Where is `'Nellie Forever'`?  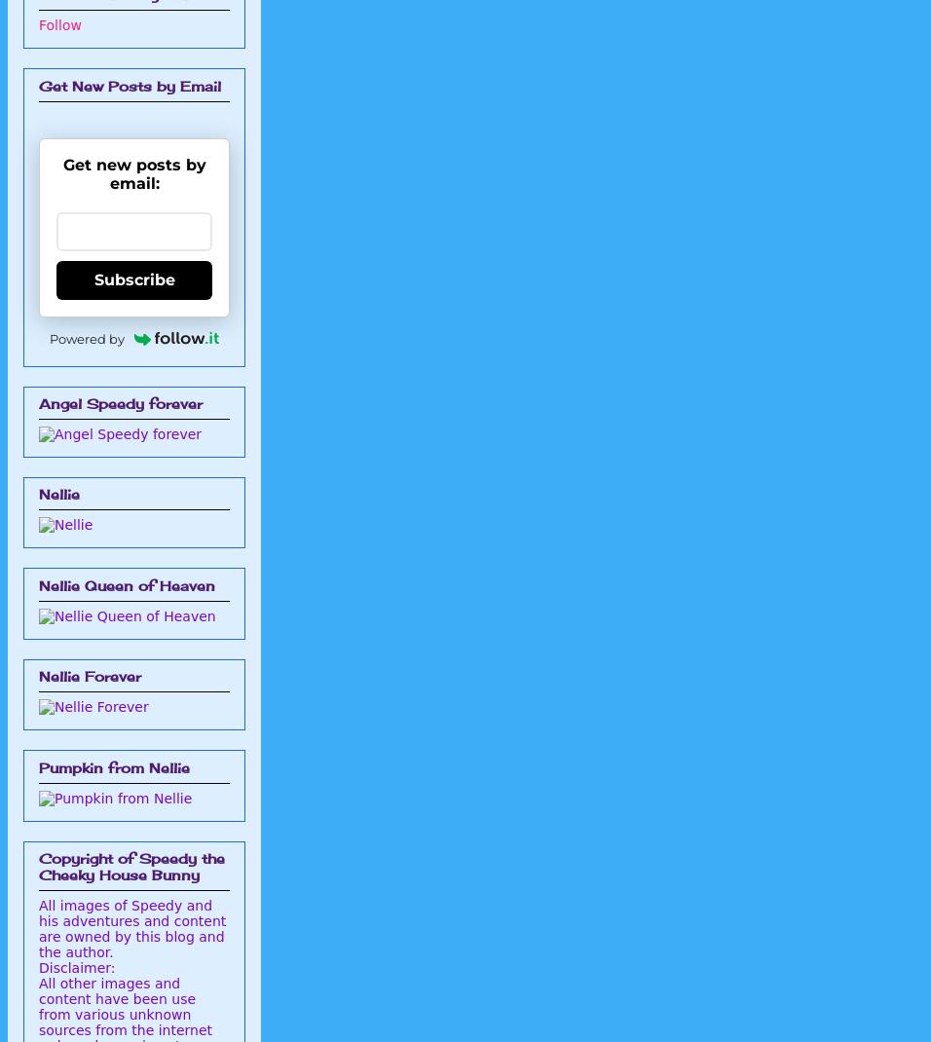 'Nellie Forever' is located at coordinates (89, 676).